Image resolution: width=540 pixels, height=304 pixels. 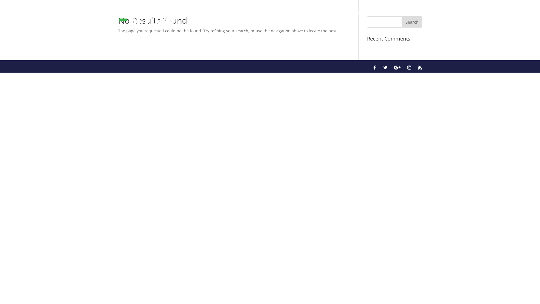 What do you see at coordinates (412, 21) in the screenshot?
I see `'Search'` at bounding box center [412, 21].